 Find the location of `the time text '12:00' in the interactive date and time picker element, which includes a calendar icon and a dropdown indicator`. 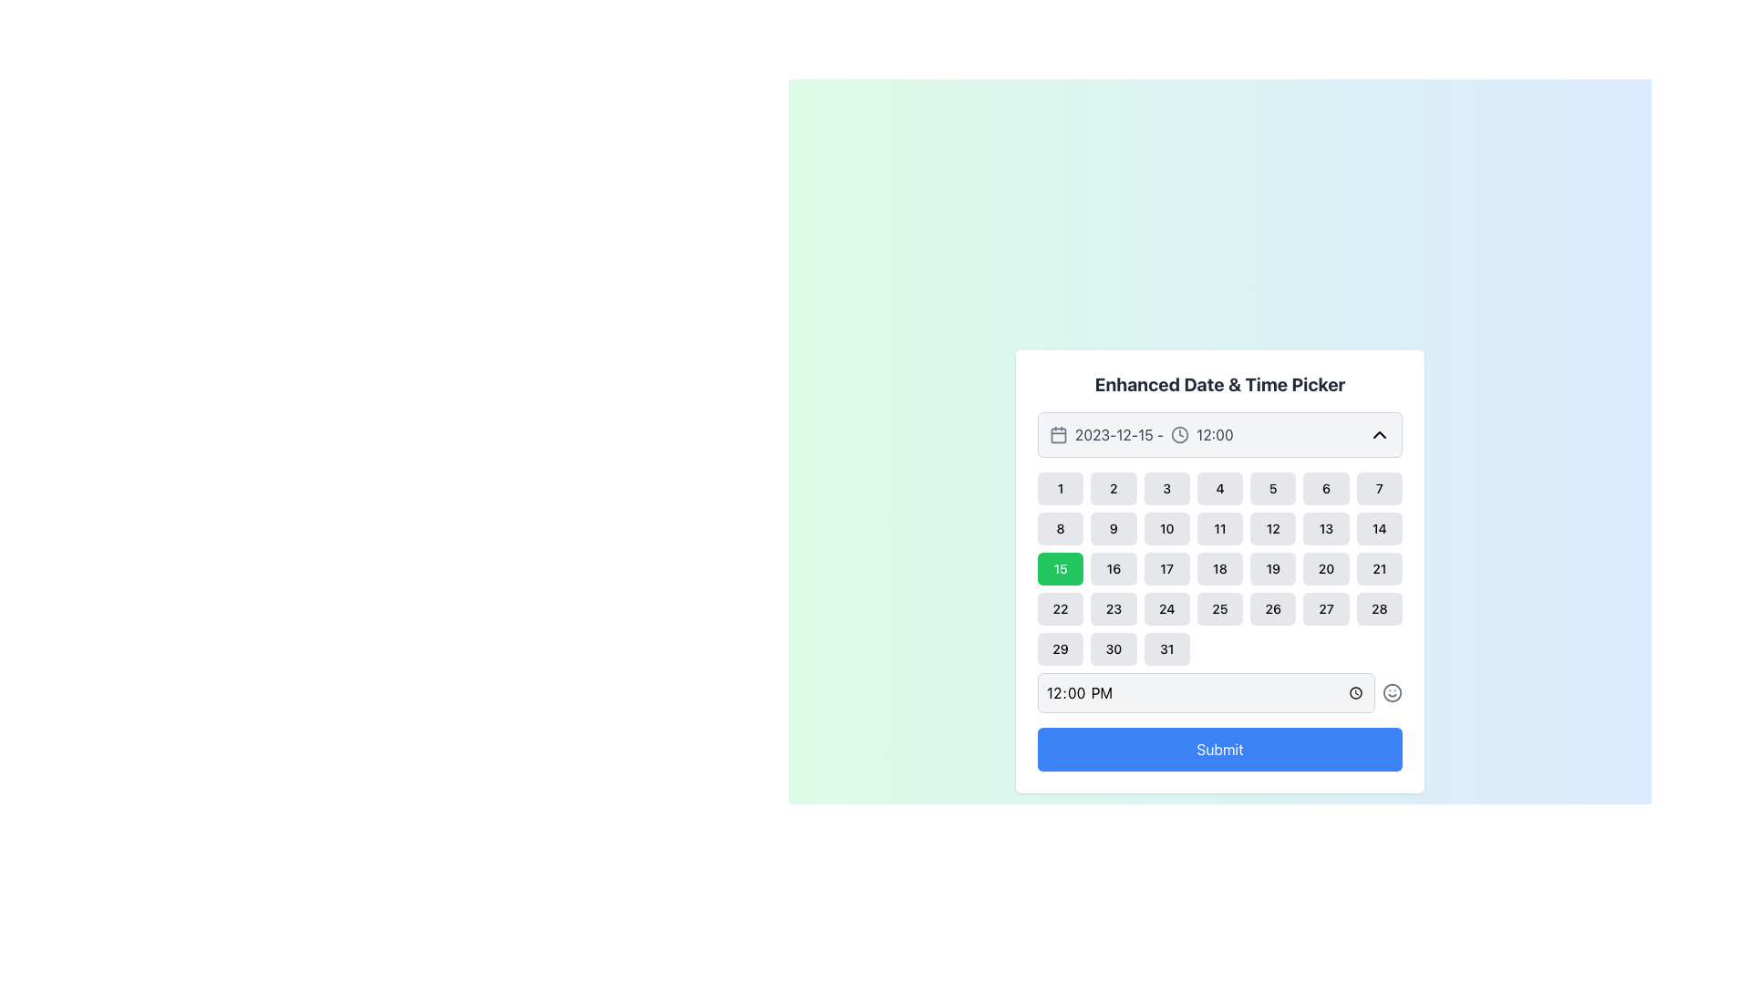

the time text '12:00' in the interactive date and time picker element, which includes a calendar icon and a dropdown indicator is located at coordinates (1220, 435).